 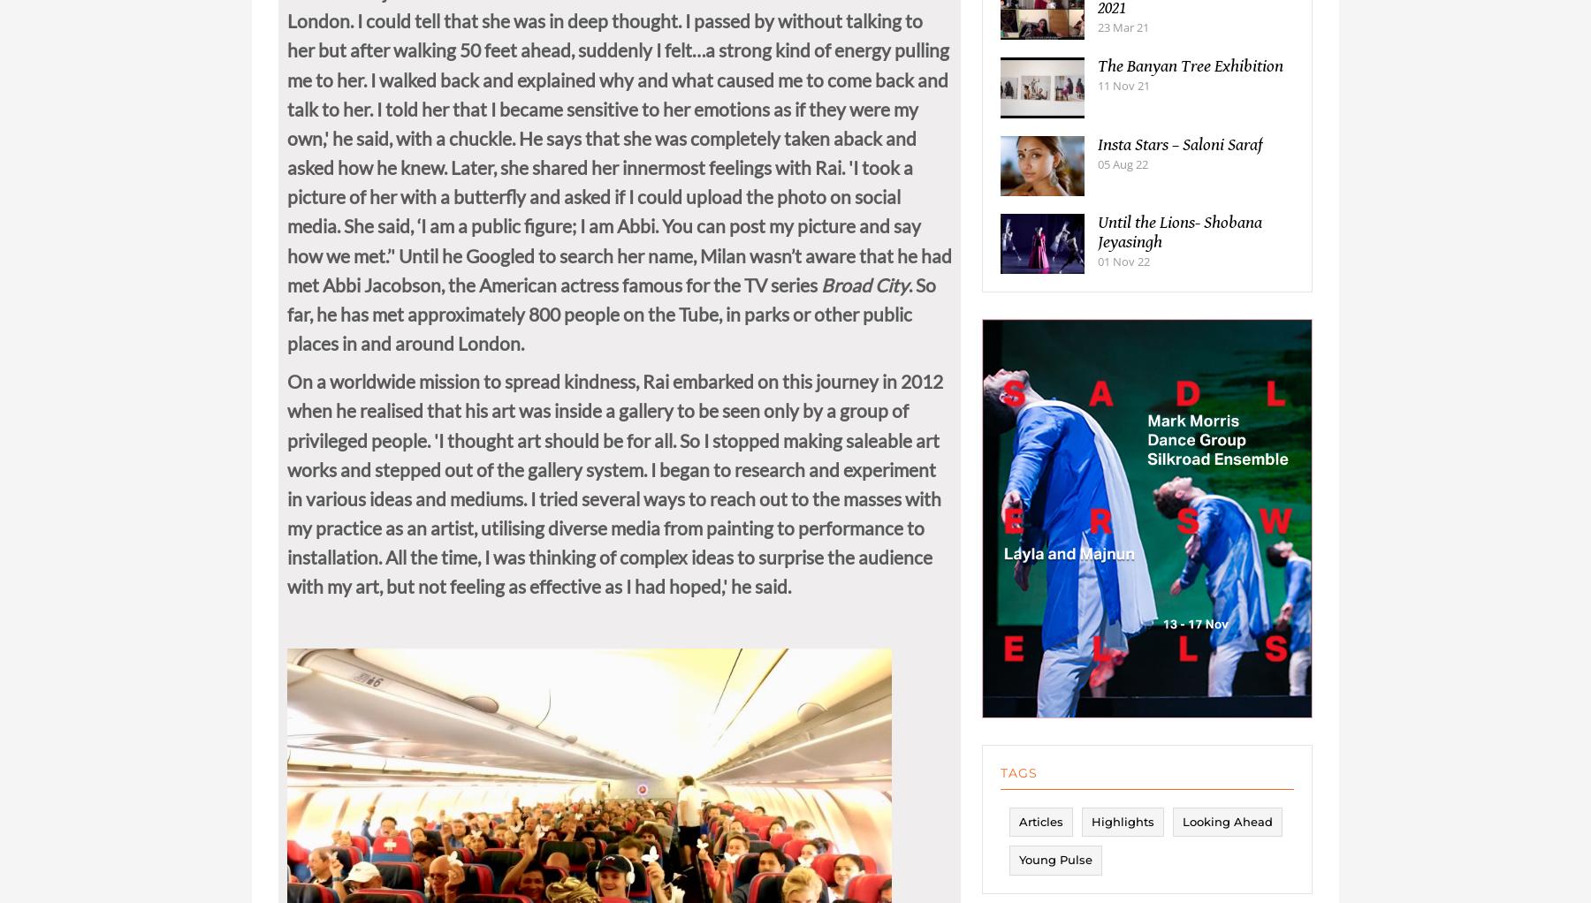 What do you see at coordinates (1123, 838) in the screenshot?
I see `'Highlights'` at bounding box center [1123, 838].